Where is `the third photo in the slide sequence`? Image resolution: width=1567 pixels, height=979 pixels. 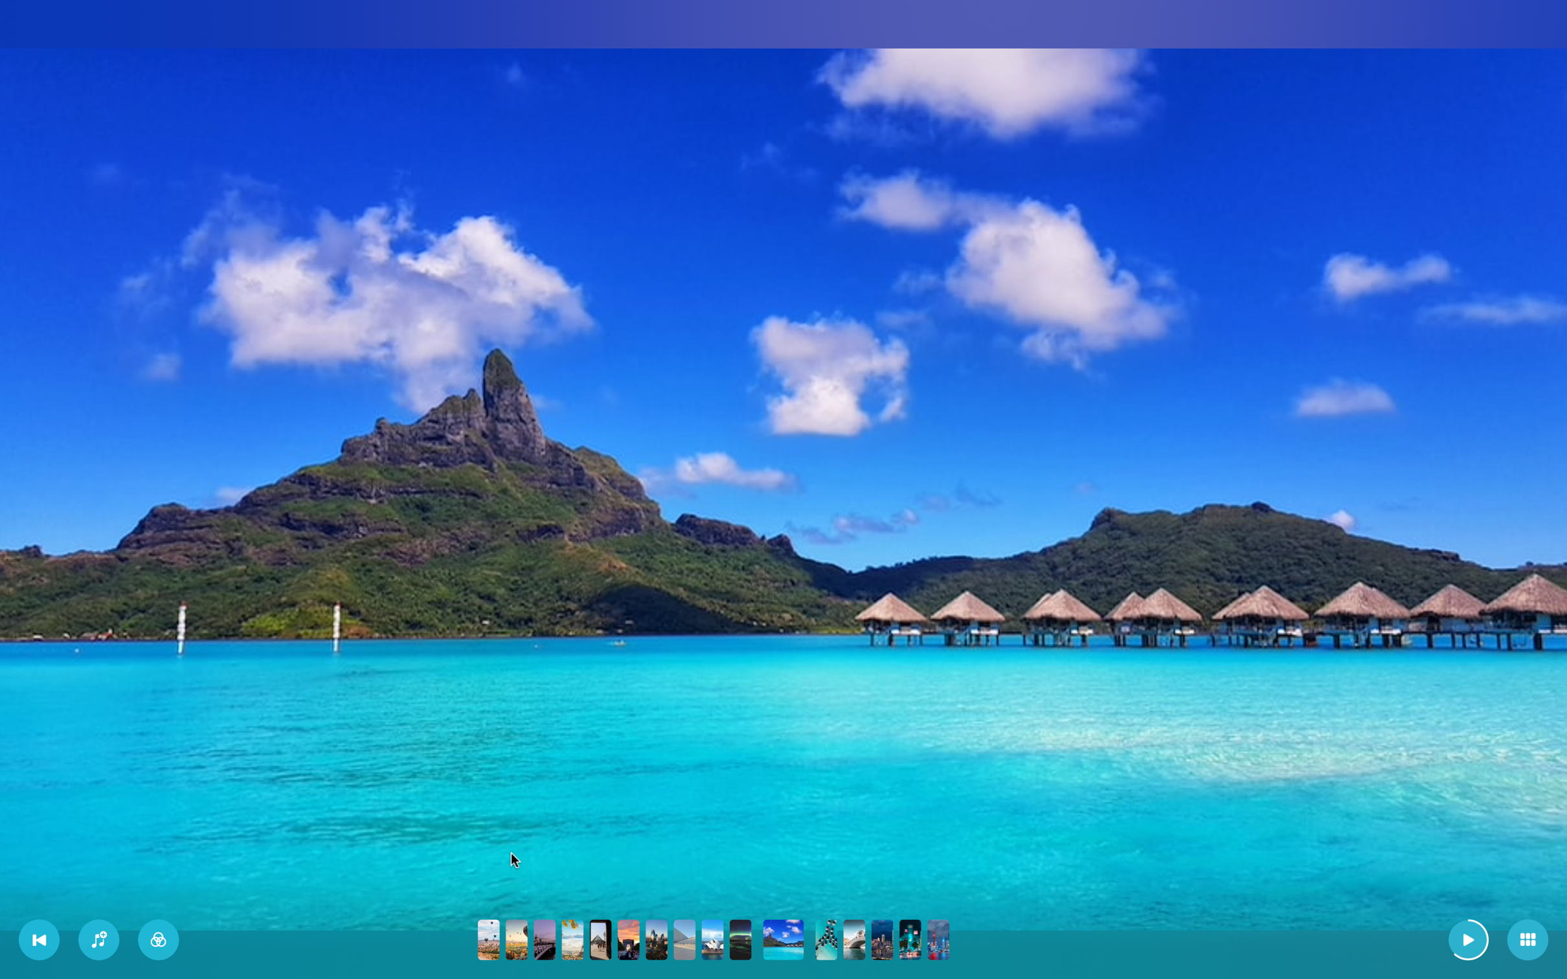
the third photo in the slide sequence is located at coordinates (545, 939).